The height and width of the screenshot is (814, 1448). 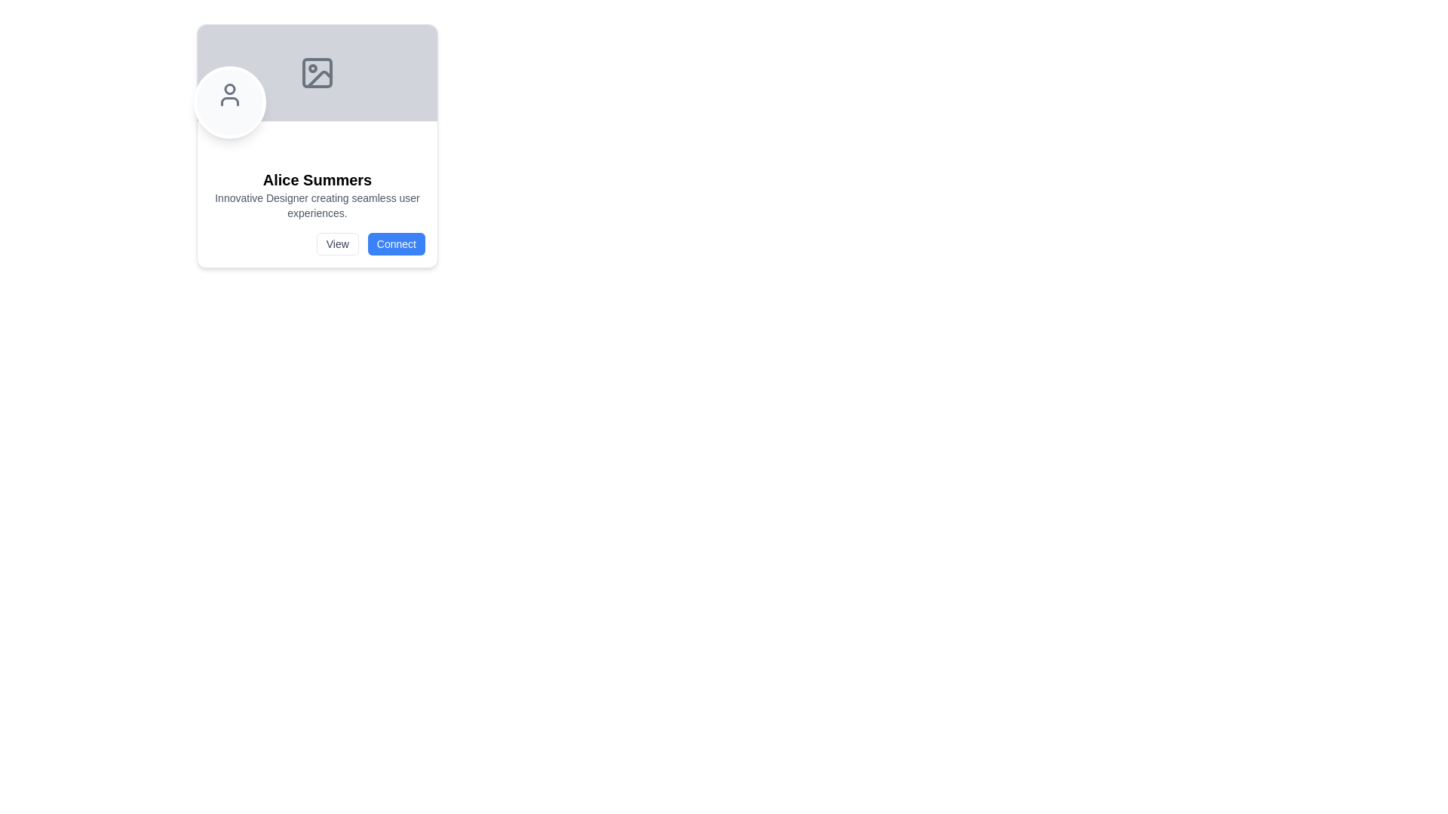 What do you see at coordinates (317, 72) in the screenshot?
I see `the gray decorative graphic placeholder located at the top-right section of the profile card's header area` at bounding box center [317, 72].